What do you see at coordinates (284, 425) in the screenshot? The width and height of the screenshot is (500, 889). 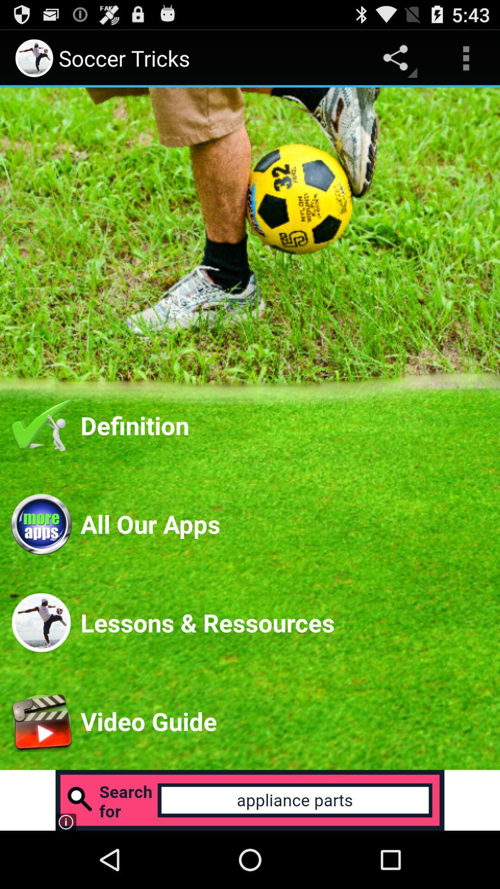 I see `definition icon` at bounding box center [284, 425].